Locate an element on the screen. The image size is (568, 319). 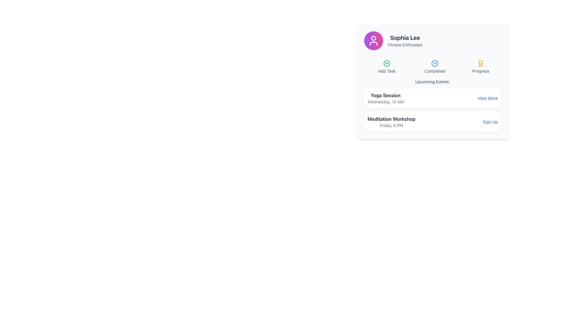
the text label displaying the details or timestamp for the 'Meditation Workshop' event, which is located below the title within the card component in the 'Upcoming Events' section is located at coordinates (391, 125).